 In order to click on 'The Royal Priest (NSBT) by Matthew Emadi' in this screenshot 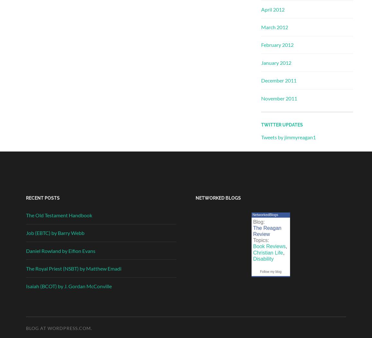, I will do `click(74, 268)`.